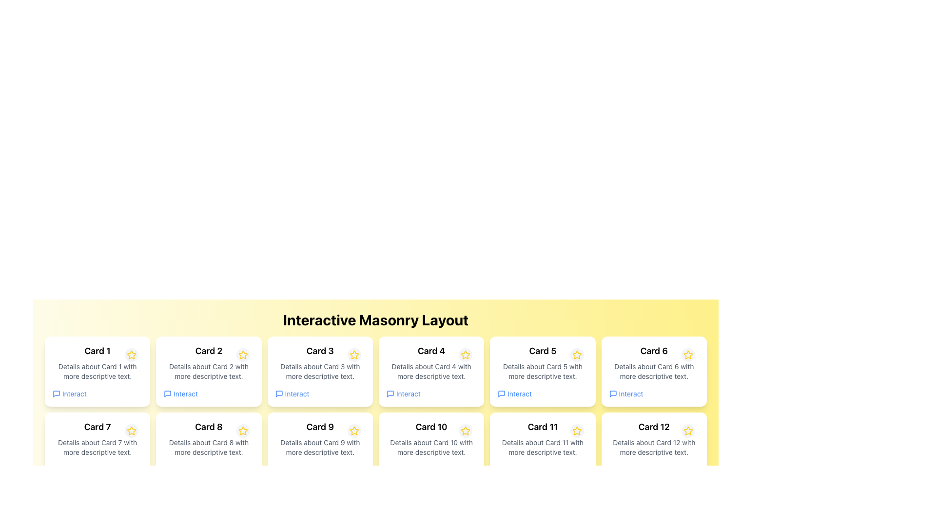 The image size is (936, 526). Describe the element at coordinates (292, 394) in the screenshot. I see `the interactive link for 'Card 3' located at the bottom of its content section` at that location.